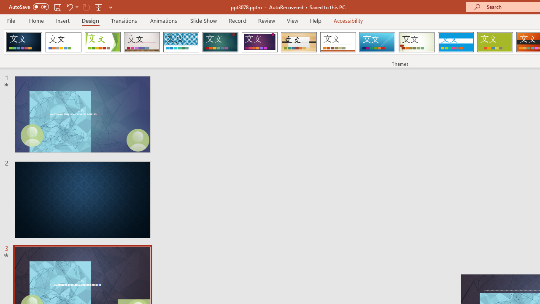 The height and width of the screenshot is (304, 540). I want to click on 'Wisp', so click(416, 42).